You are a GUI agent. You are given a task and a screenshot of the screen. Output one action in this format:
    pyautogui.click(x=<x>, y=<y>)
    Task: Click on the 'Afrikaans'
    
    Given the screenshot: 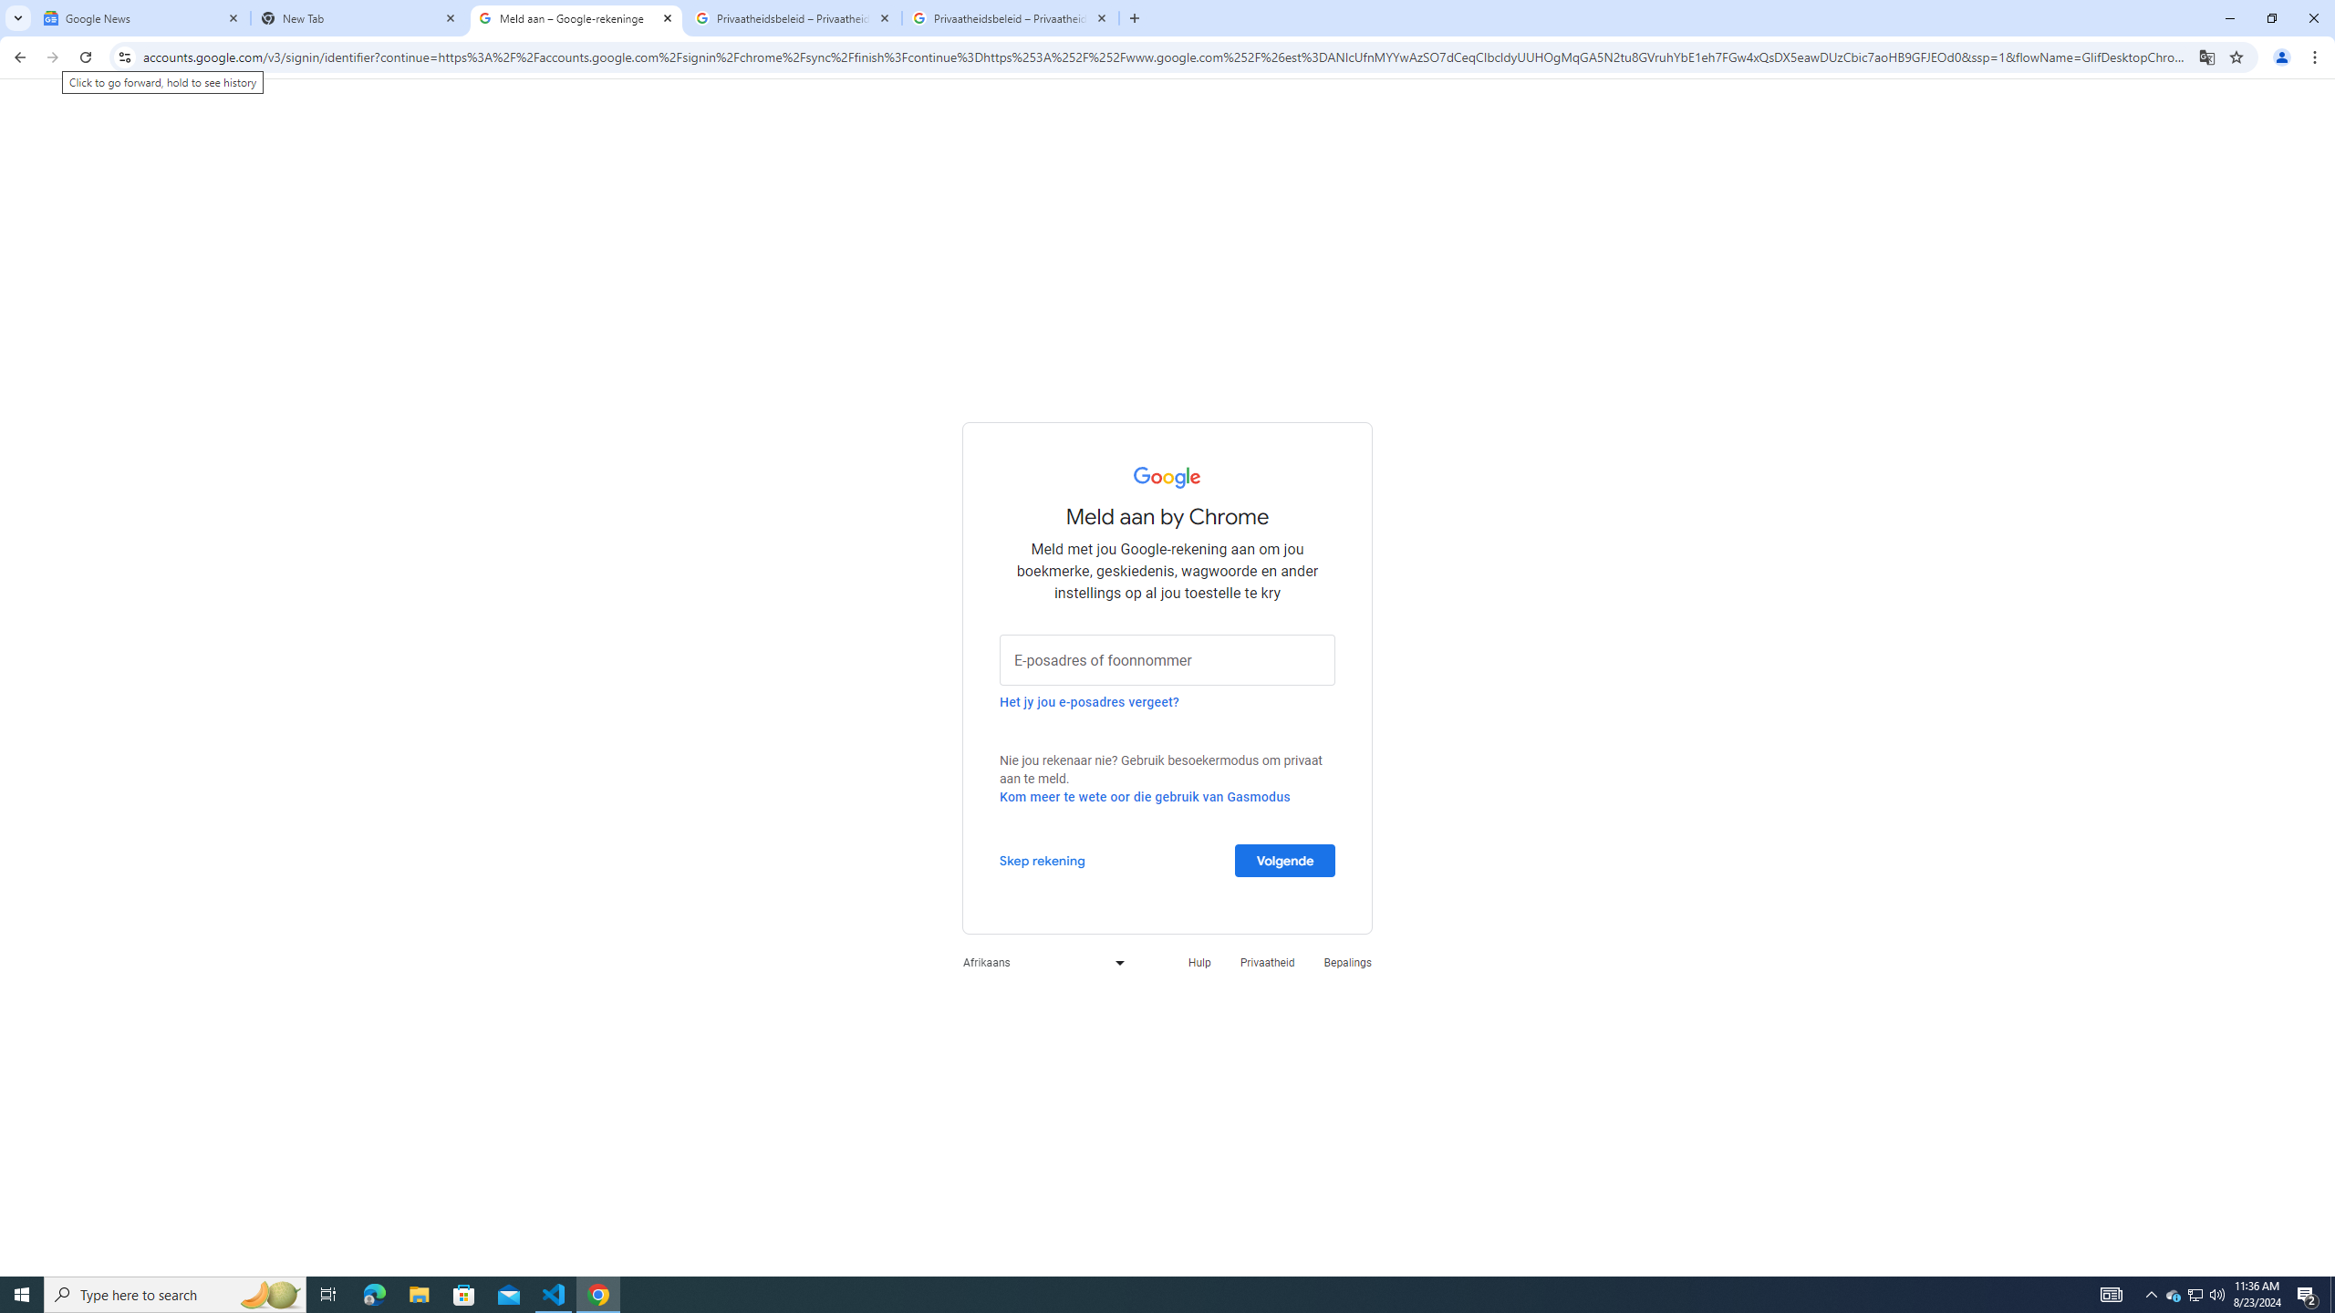 What is the action you would take?
    pyautogui.click(x=1038, y=961)
    